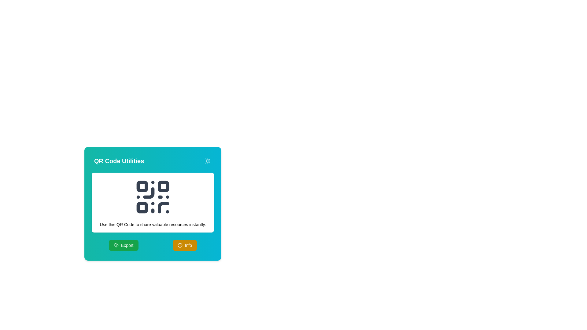 Image resolution: width=587 pixels, height=330 pixels. What do you see at coordinates (208, 161) in the screenshot?
I see `the sun icon located at the right edge of the header bar in the QR Code Utilities section` at bounding box center [208, 161].